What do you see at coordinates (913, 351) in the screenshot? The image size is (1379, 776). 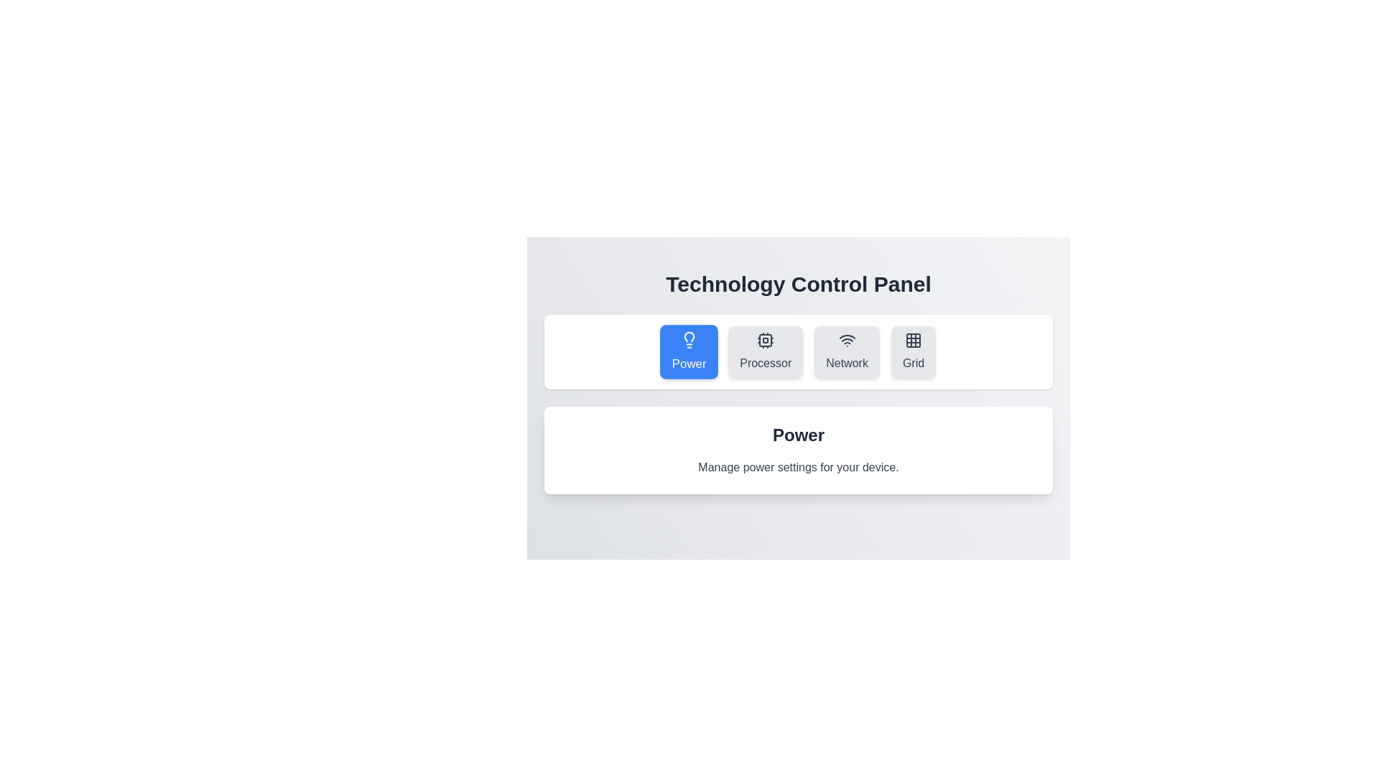 I see `the Grid tab in the TechControlPanel` at bounding box center [913, 351].